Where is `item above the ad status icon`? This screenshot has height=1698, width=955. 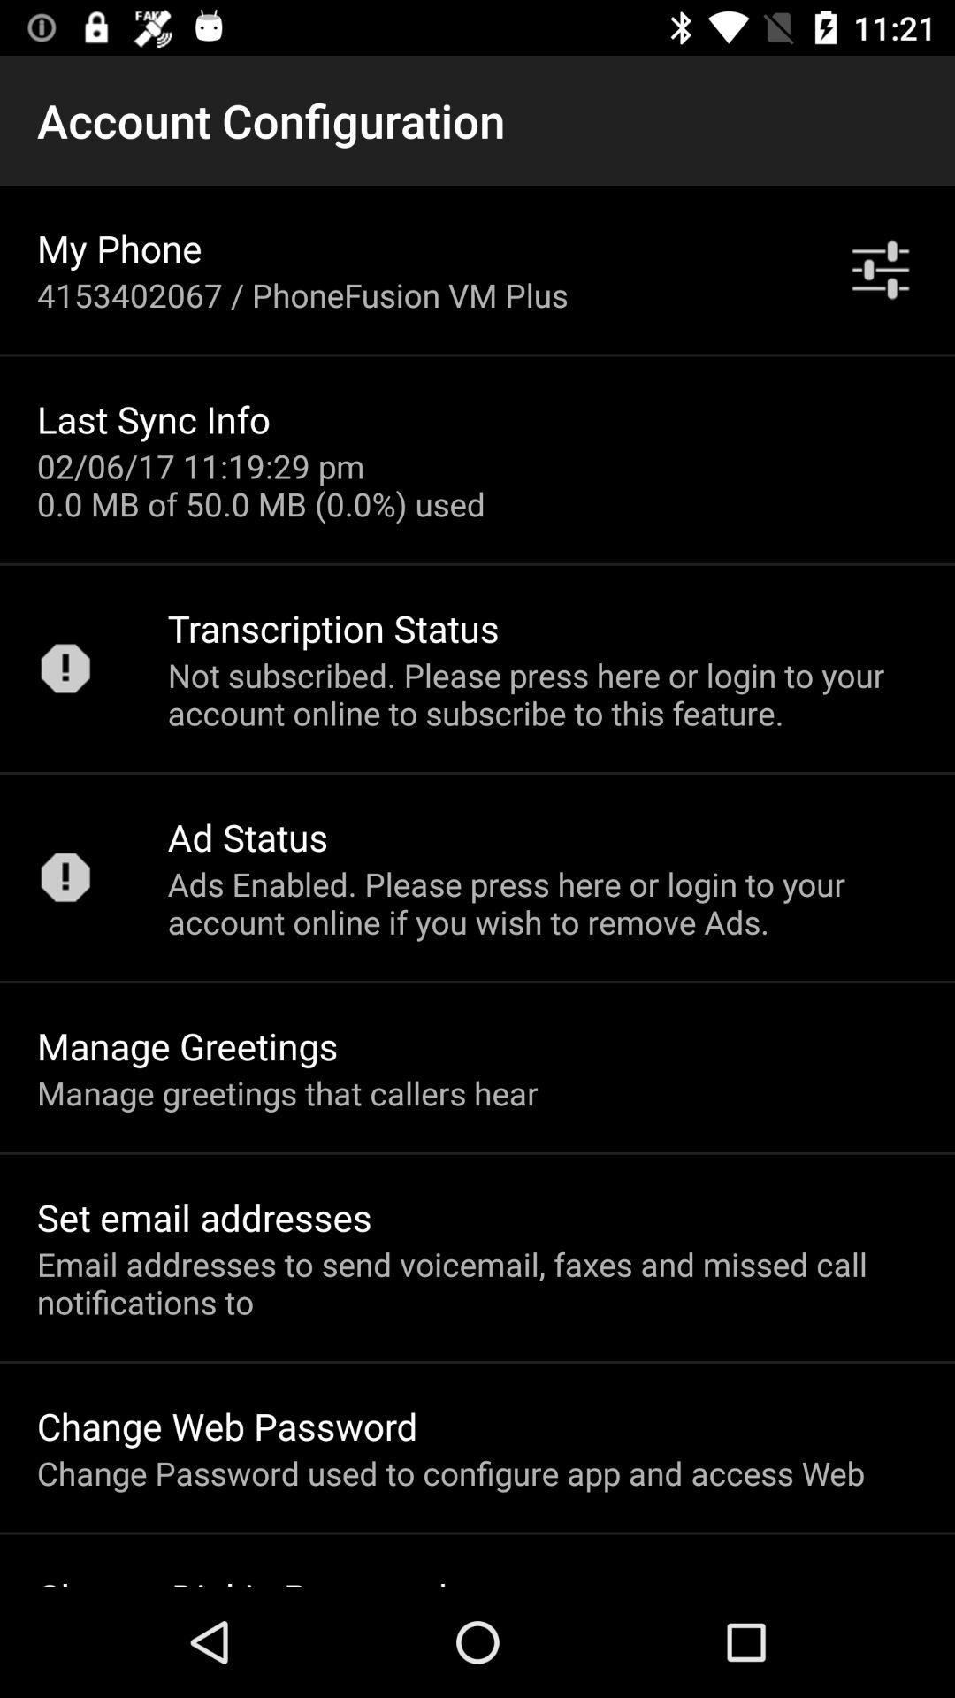 item above the ad status icon is located at coordinates (541, 692).